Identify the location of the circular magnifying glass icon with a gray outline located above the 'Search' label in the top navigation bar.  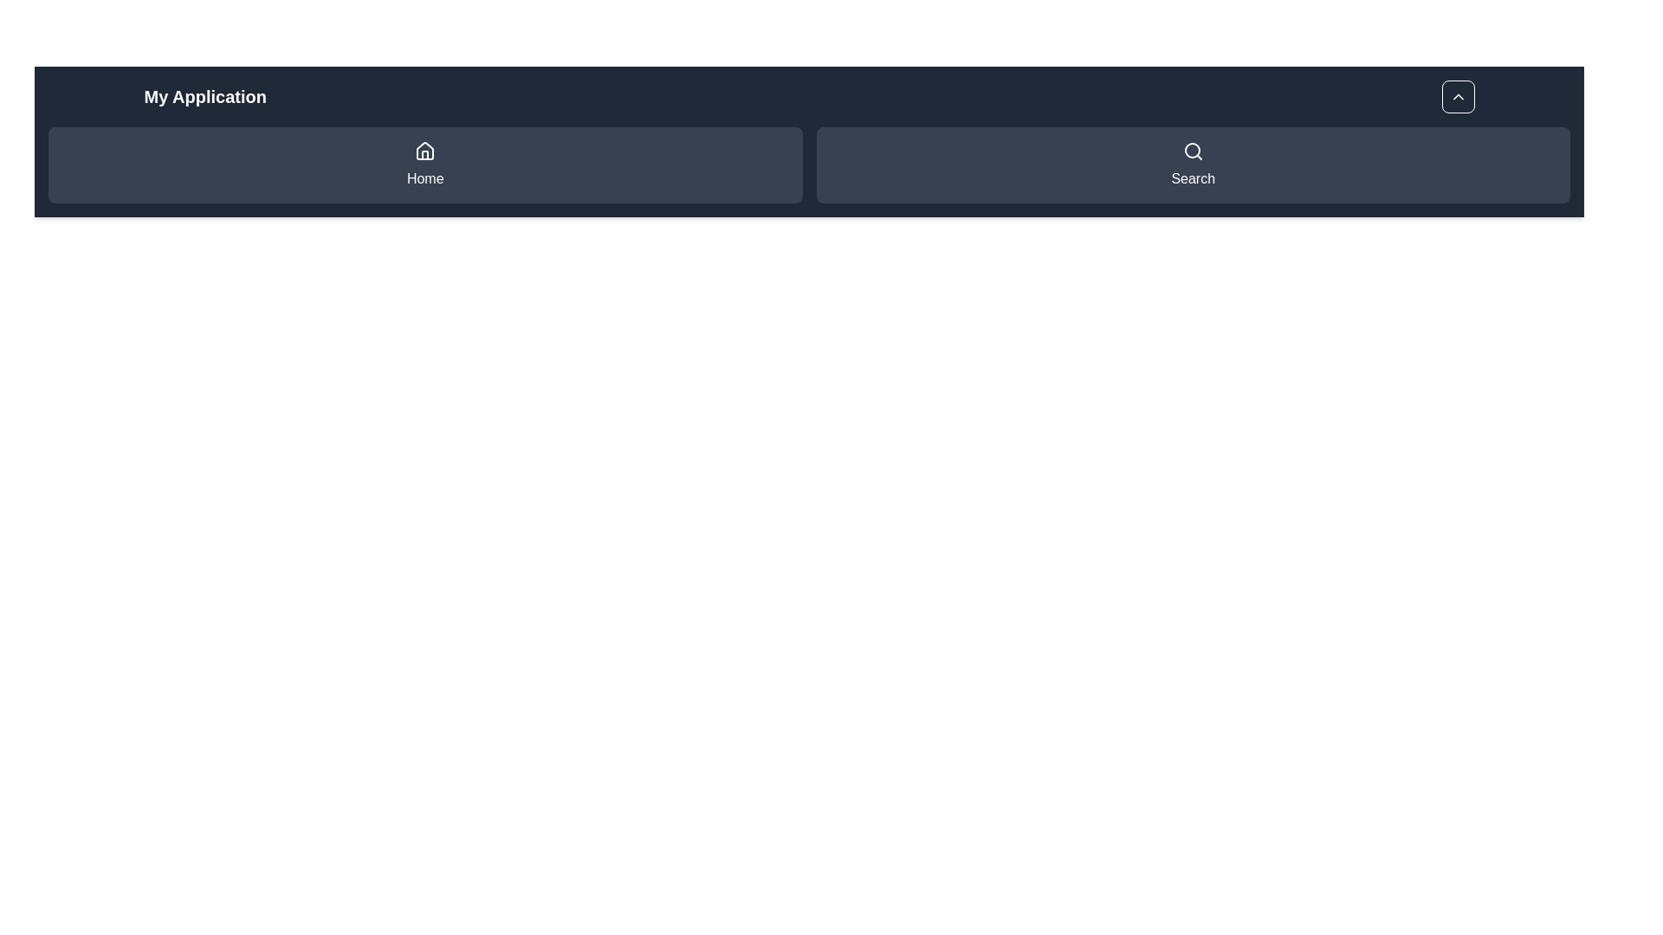
(1192, 150).